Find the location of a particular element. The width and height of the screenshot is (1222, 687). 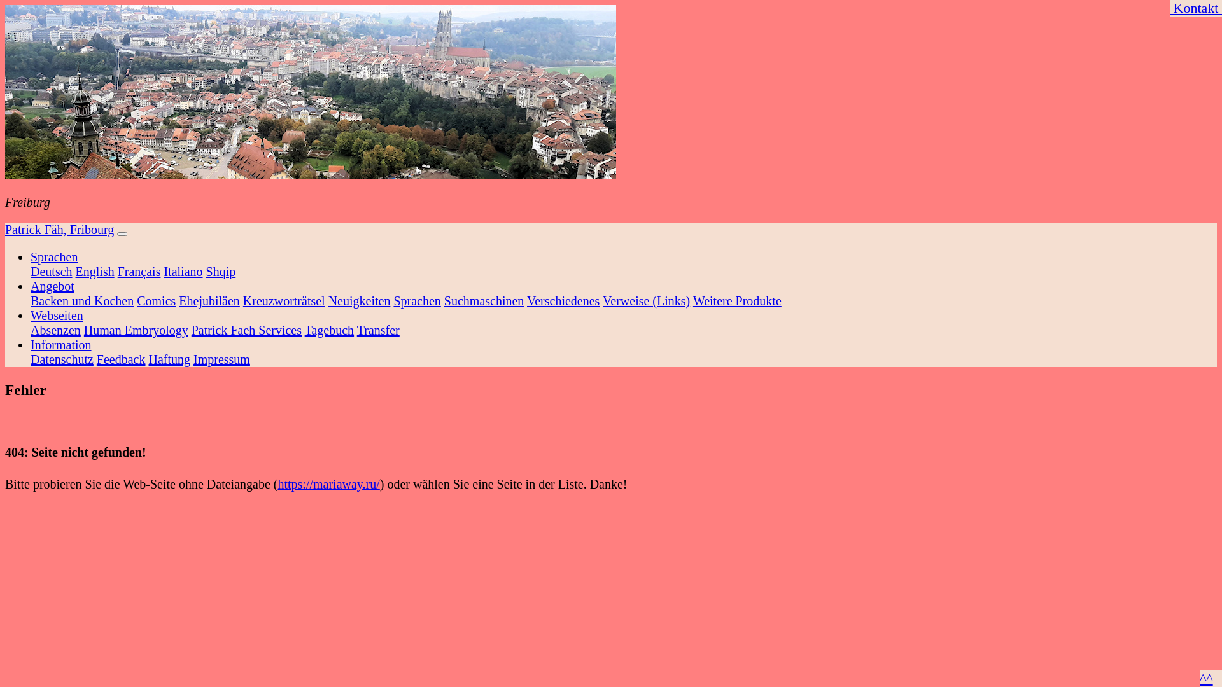

'English' is located at coordinates (94, 271).